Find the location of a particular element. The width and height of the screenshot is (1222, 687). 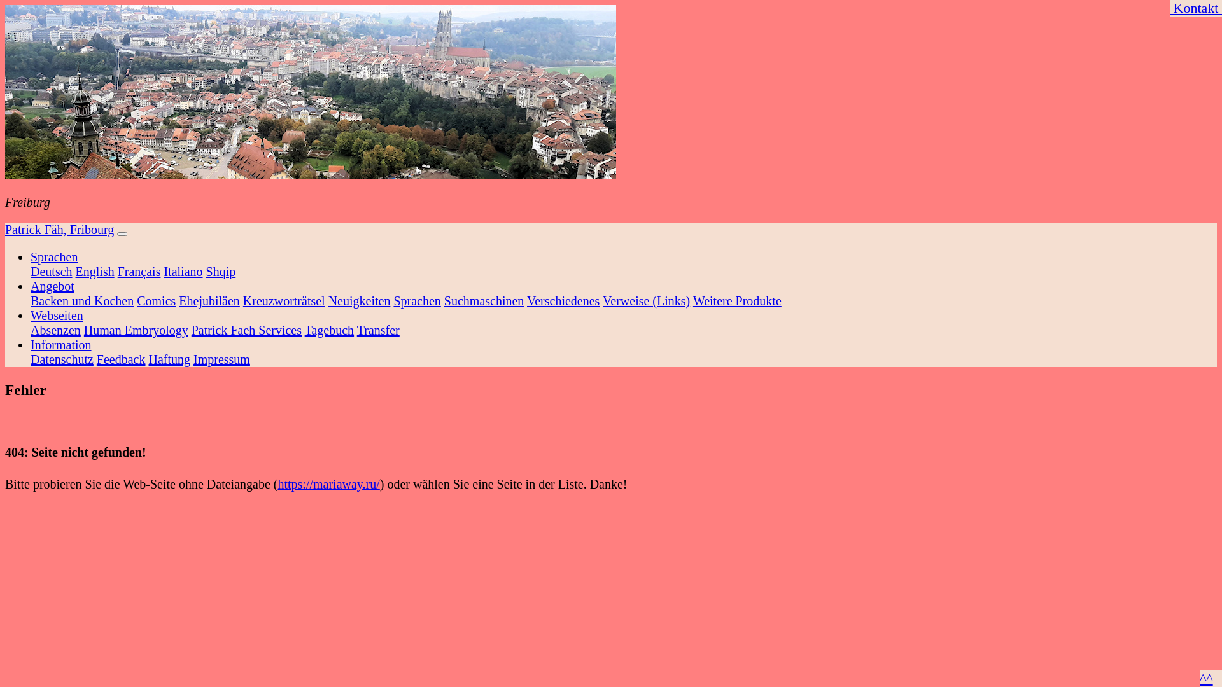

'English' is located at coordinates (94, 271).